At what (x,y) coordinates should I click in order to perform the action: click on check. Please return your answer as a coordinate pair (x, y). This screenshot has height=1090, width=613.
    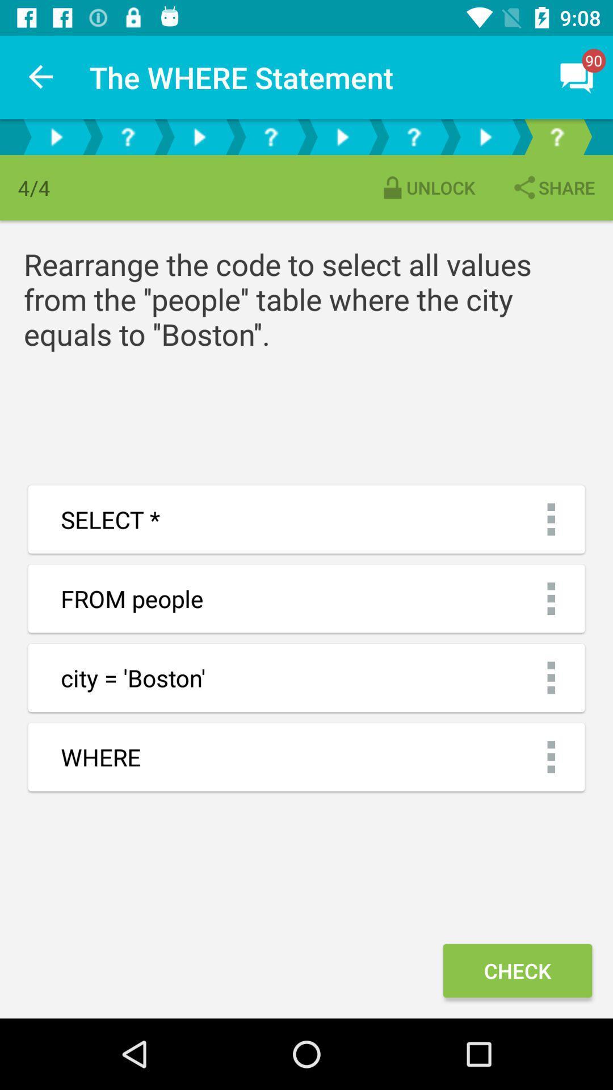
    Looking at the image, I should click on (517, 970).